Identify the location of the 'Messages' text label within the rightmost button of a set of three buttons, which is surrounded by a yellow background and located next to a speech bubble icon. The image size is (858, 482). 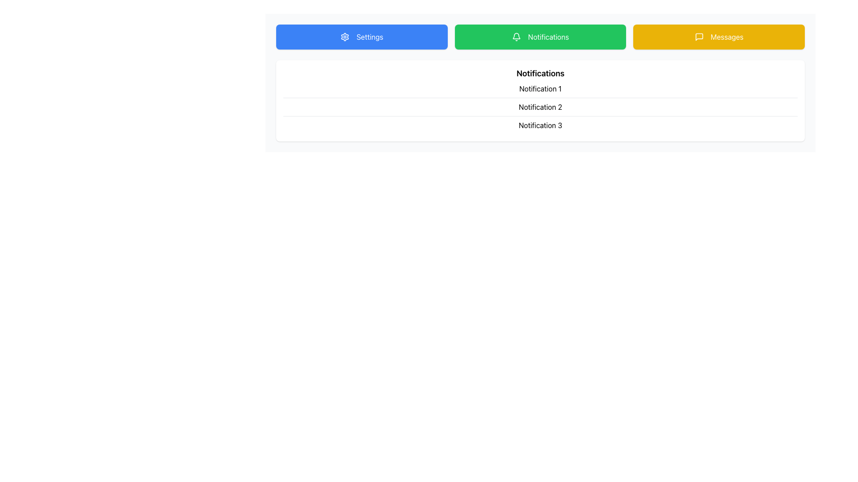
(727, 37).